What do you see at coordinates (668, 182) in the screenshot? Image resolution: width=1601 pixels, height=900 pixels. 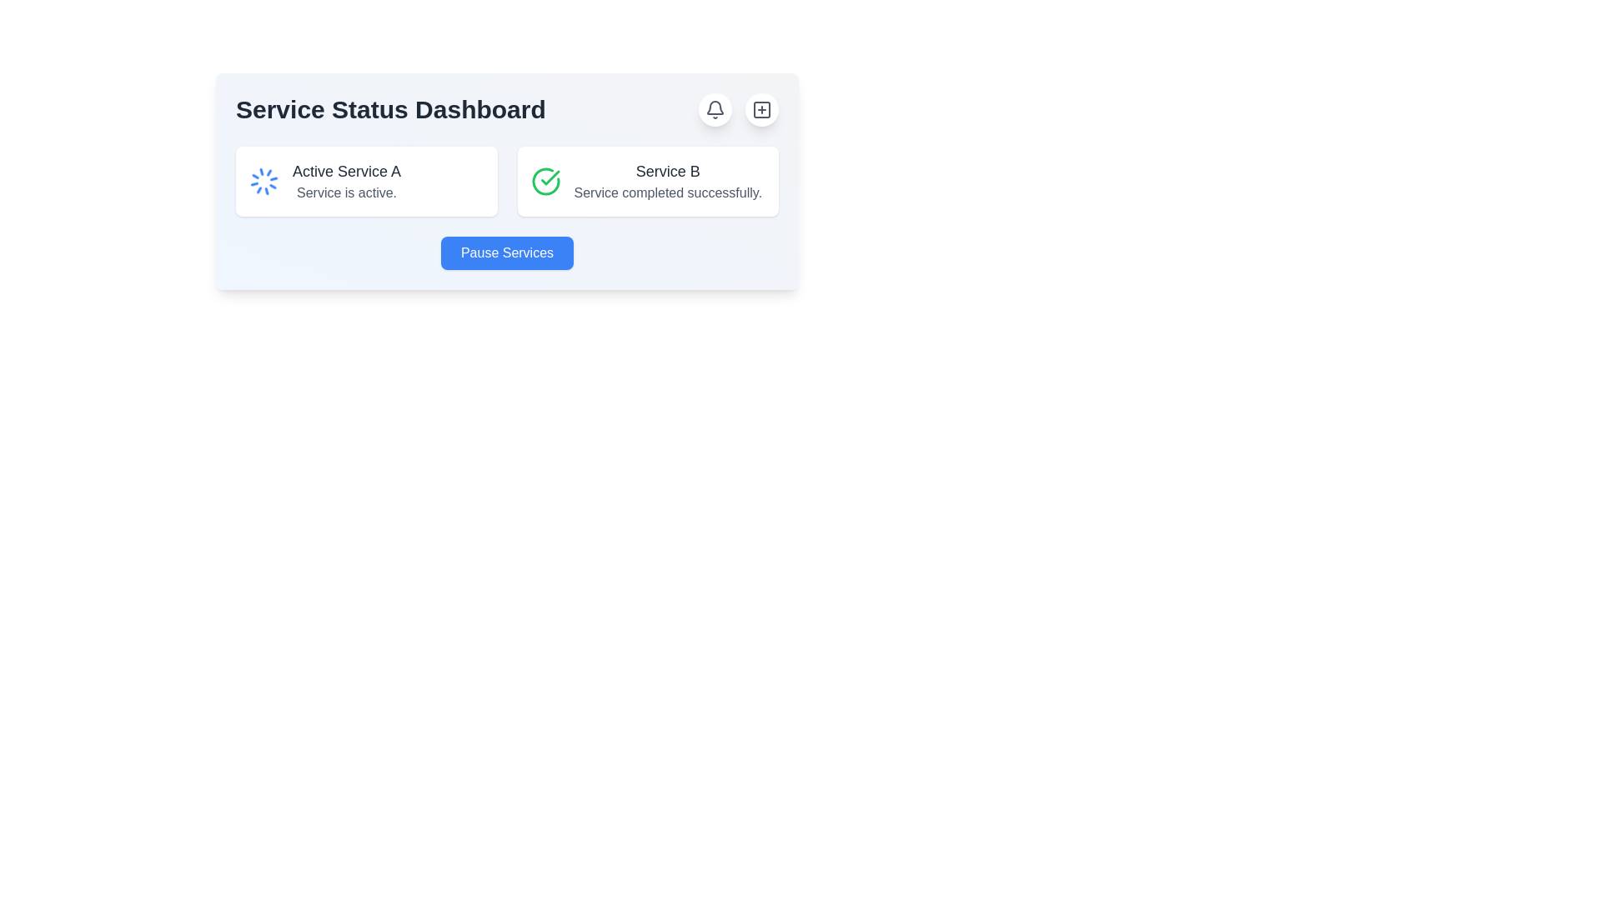 I see `the text label displaying 'Service B' which contains the message 'Service completed successfully.'` at bounding box center [668, 182].